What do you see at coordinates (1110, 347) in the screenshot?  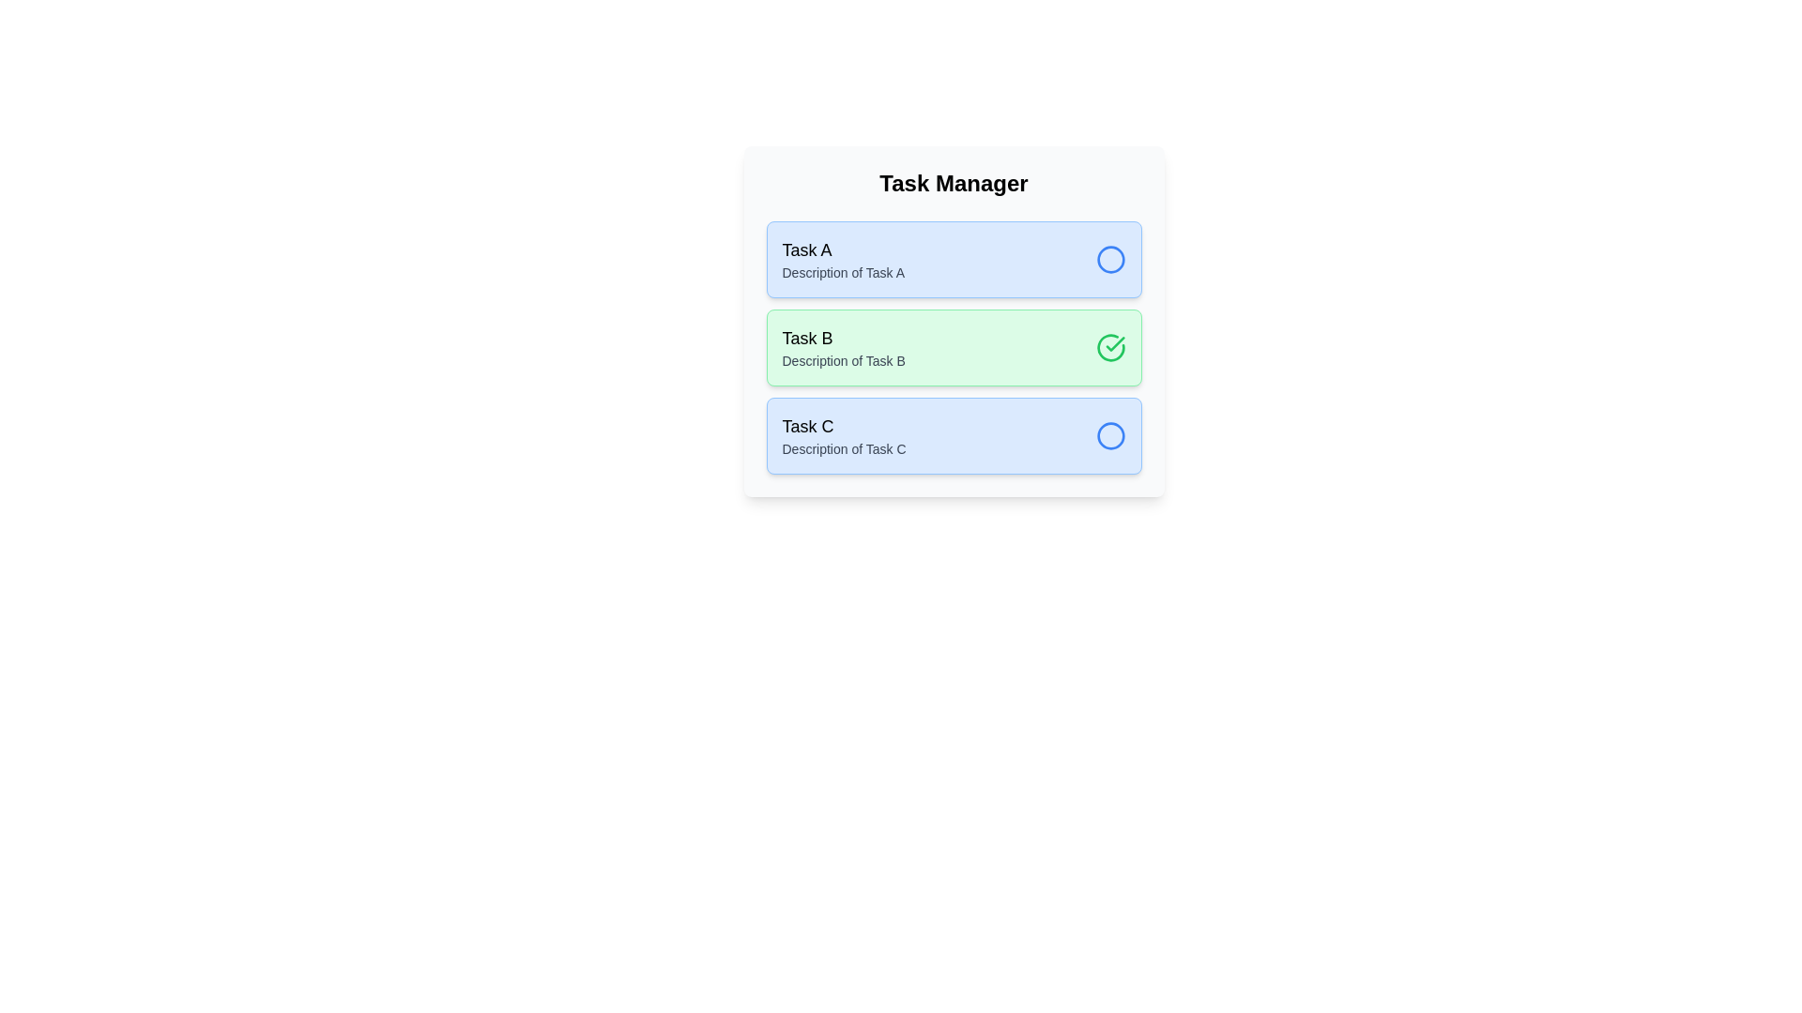 I see `the completion status icon located in the top right corner of the green-highlighted card labeled 'Task B'` at bounding box center [1110, 347].